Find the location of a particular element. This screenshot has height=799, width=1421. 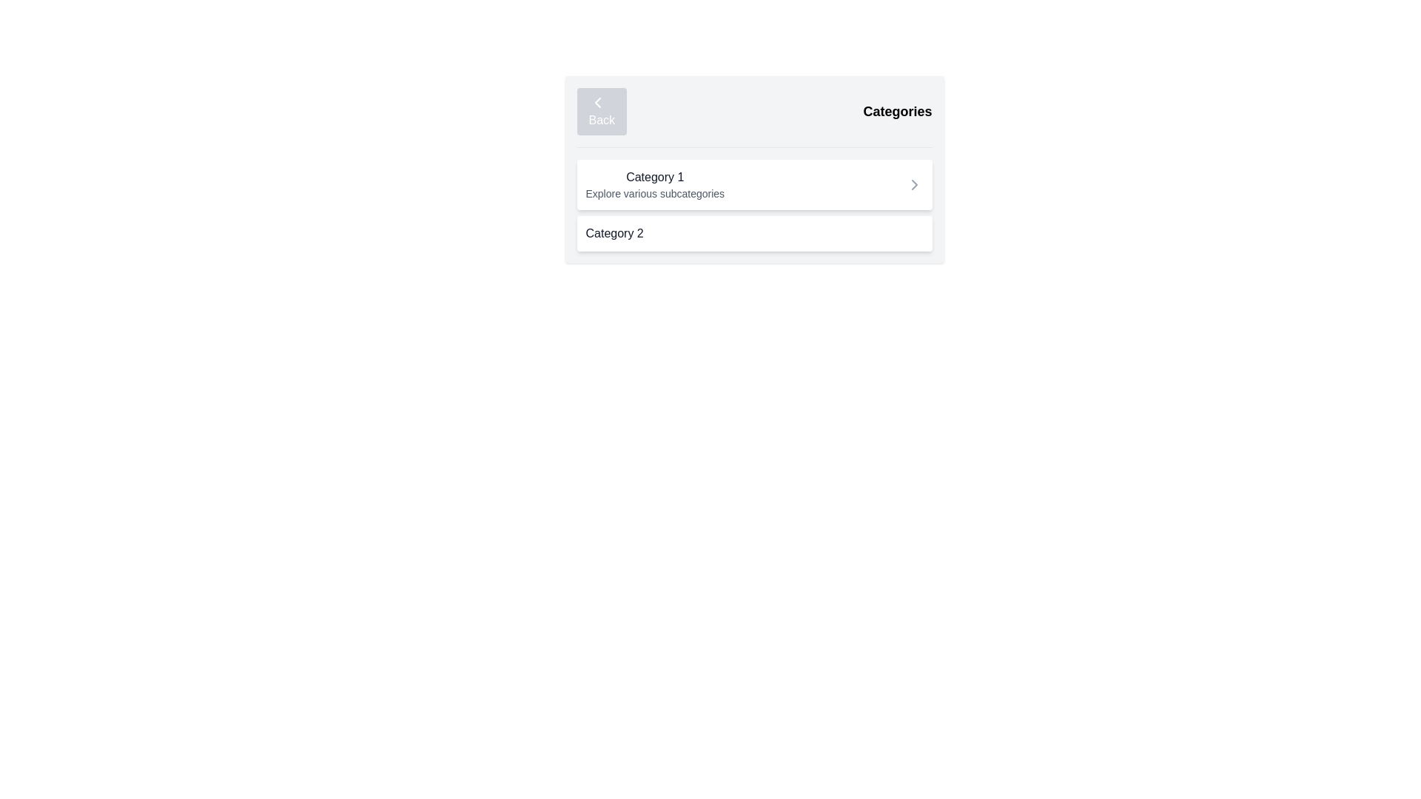

the list item titled 'Category 1' with the subtitle 'Explore various subcategories', which is located in the central area of the interface is located at coordinates (654, 184).